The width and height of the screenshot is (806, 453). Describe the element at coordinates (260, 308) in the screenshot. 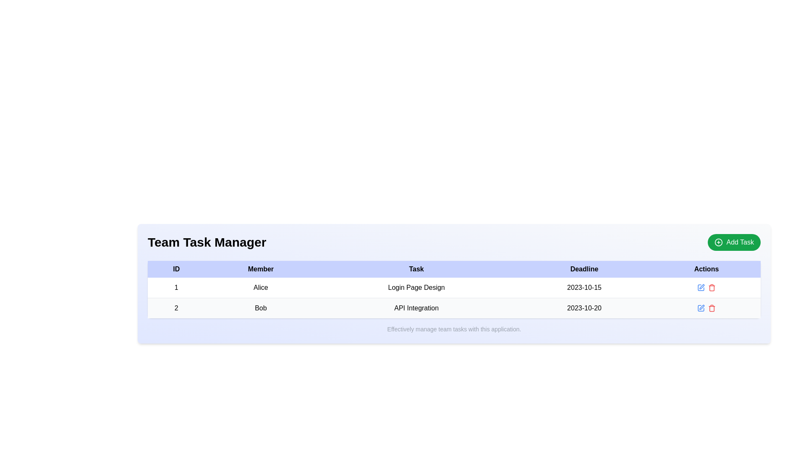

I see `the text label displaying the name of the team member` at that location.